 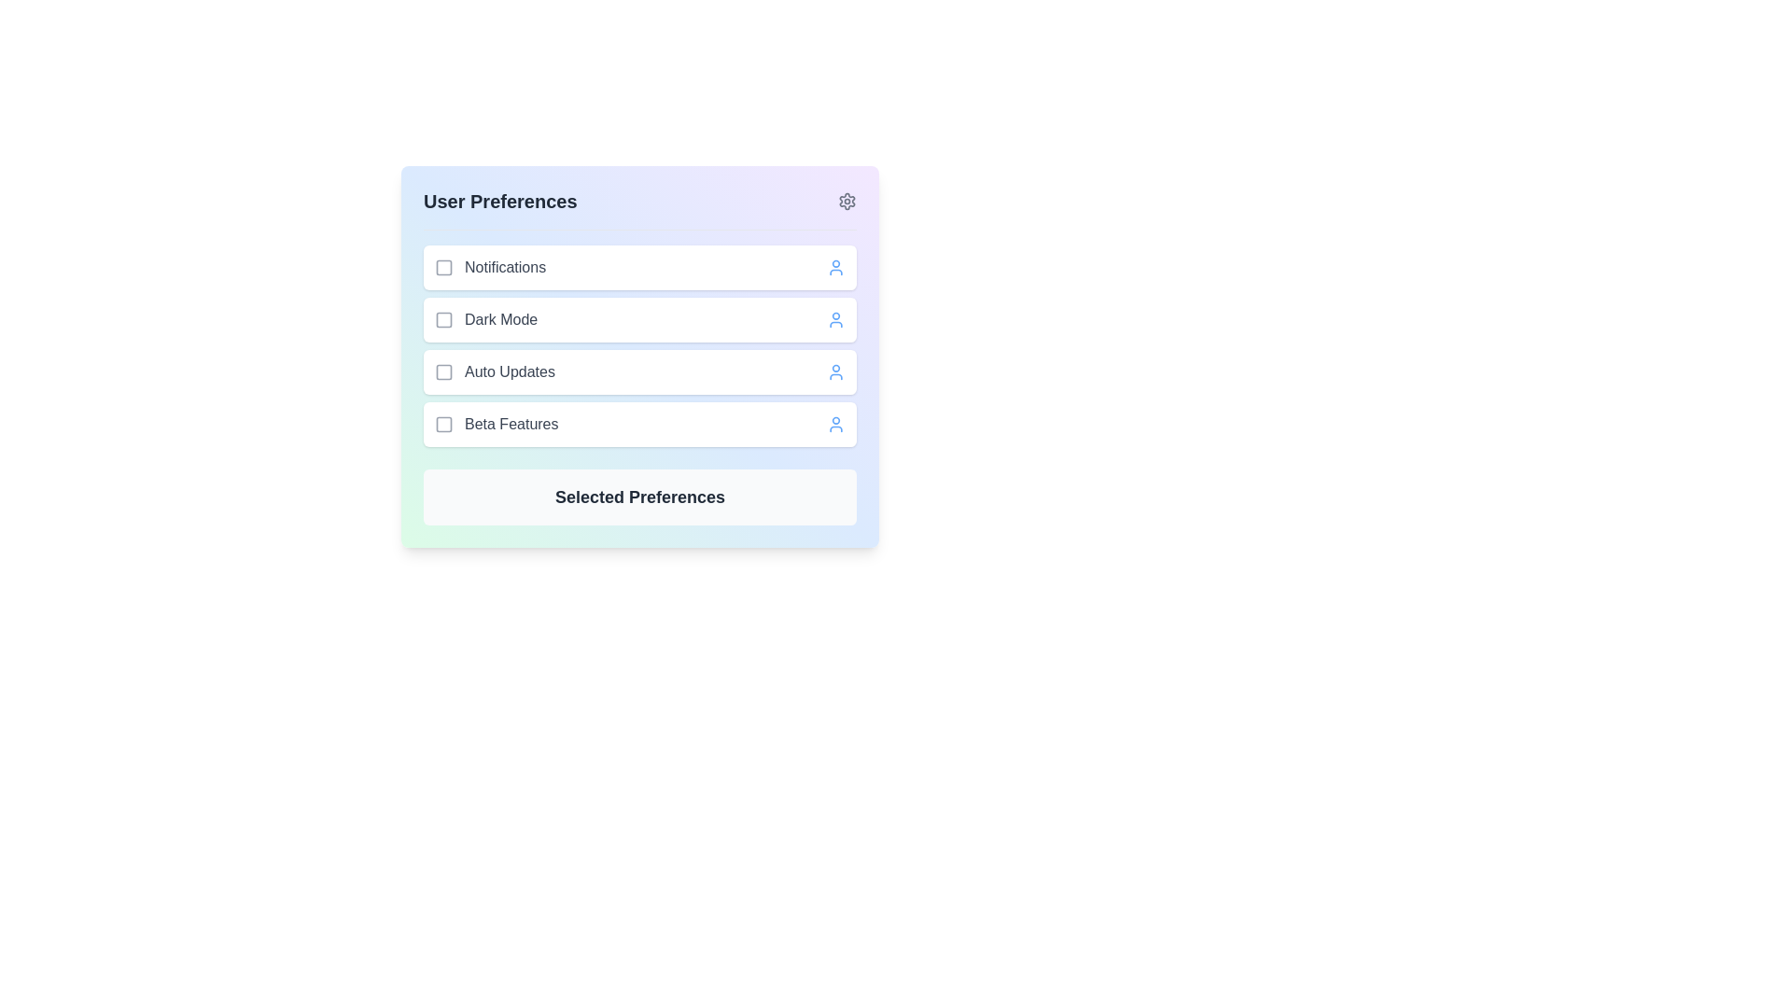 What do you see at coordinates (846, 202) in the screenshot?
I see `the cogwheel-shaped icon located in the top-right corner of the 'User Preferences' dialog box` at bounding box center [846, 202].